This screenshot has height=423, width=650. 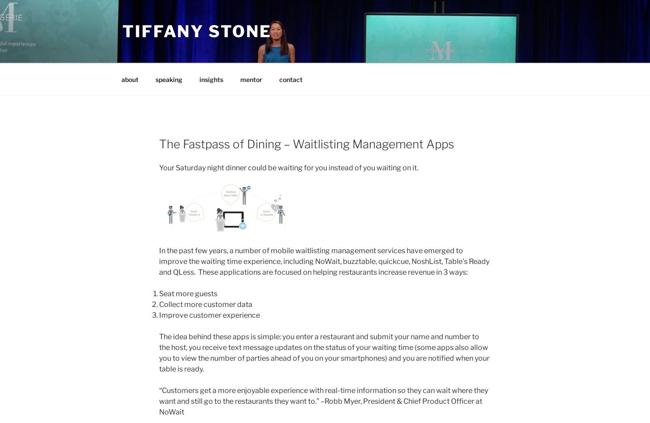 What do you see at coordinates (323, 400) in the screenshot?
I see `'“Customers get a more enjoyable experience with real-time information so they can wait where they want and still go to the restaurants they want to.” –Robb Myer, President & Chief Product Officer at NoWait'` at bounding box center [323, 400].